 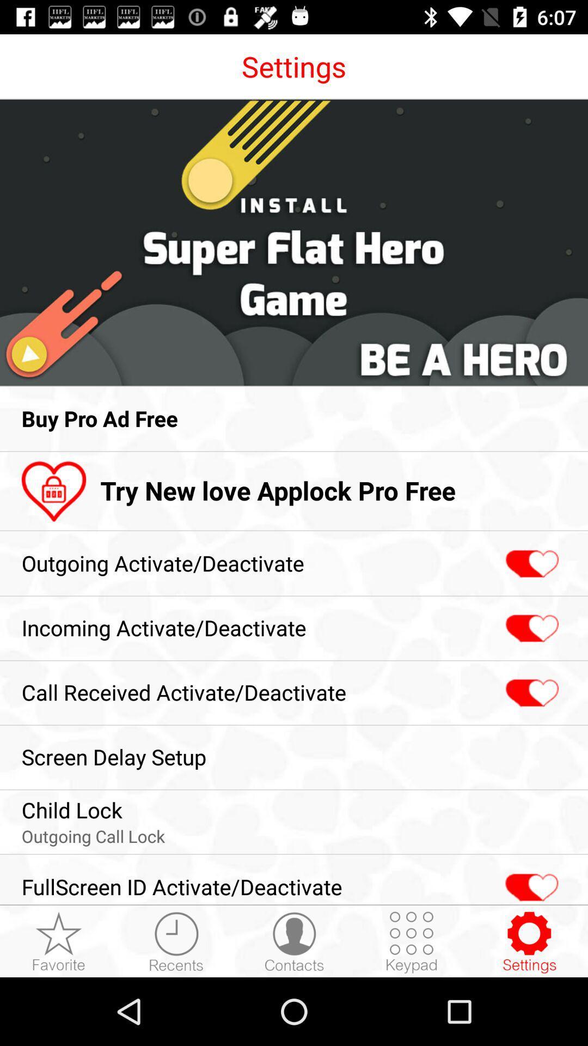 I want to click on keypad, so click(x=412, y=941).